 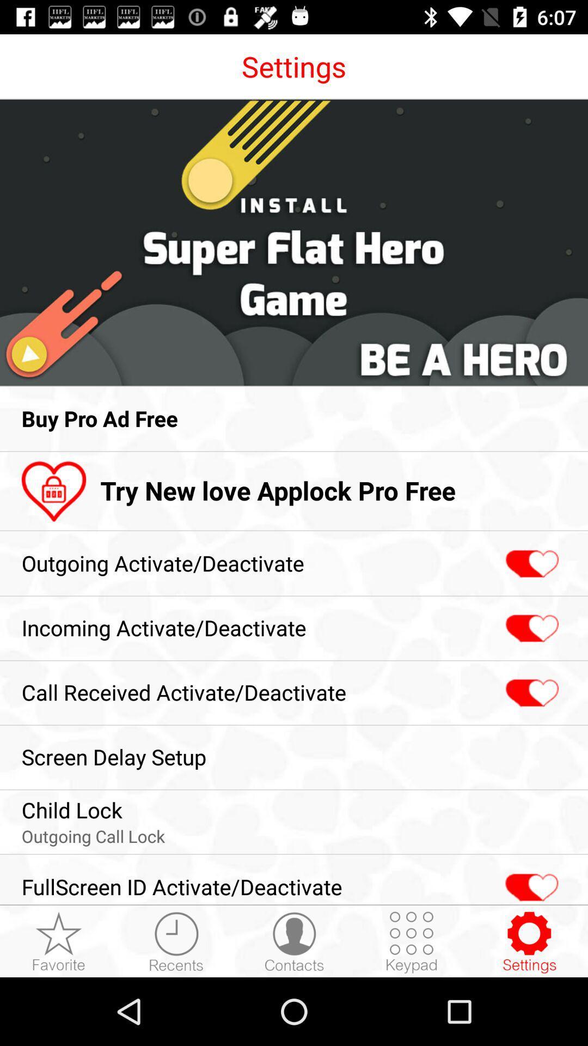 I want to click on keypad, so click(x=412, y=941).